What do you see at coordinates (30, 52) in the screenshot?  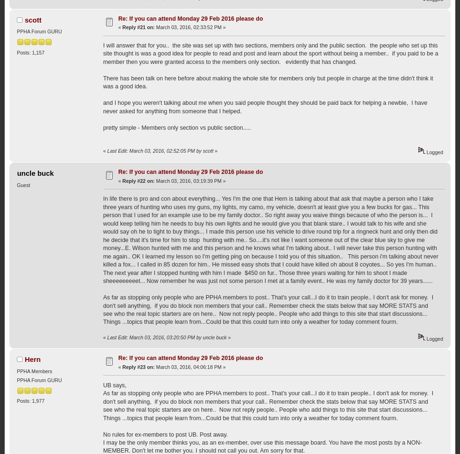 I see `'Posts: 1,157'` at bounding box center [30, 52].